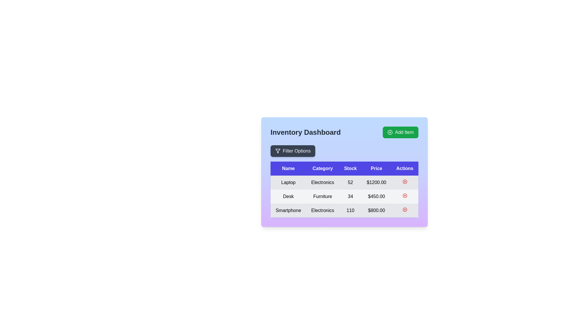 The image size is (561, 315). Describe the element at coordinates (376, 197) in the screenshot. I see `the static text display showing the price '$450.00' in the 'Price' column of the table for the product 'Desk'` at that location.